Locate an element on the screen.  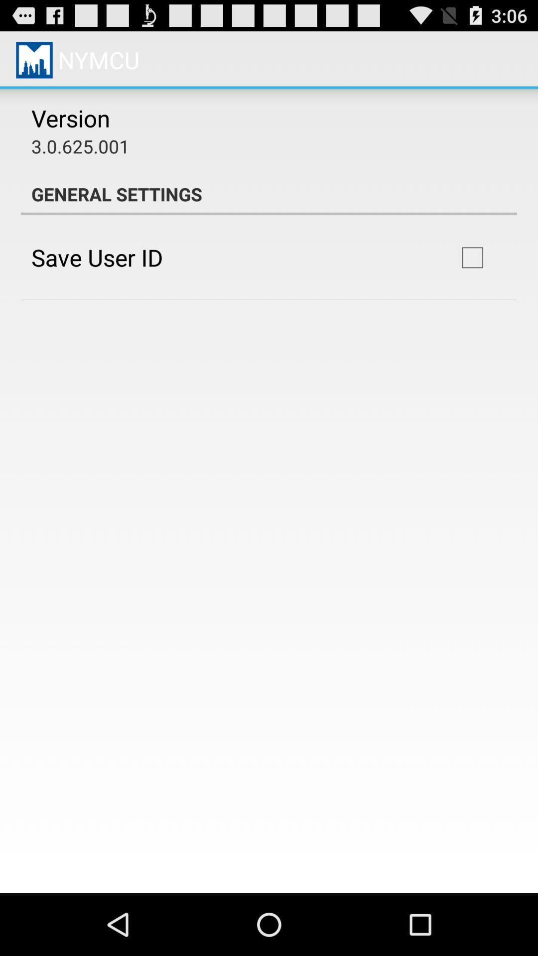
the app below general settings is located at coordinates (472, 257).